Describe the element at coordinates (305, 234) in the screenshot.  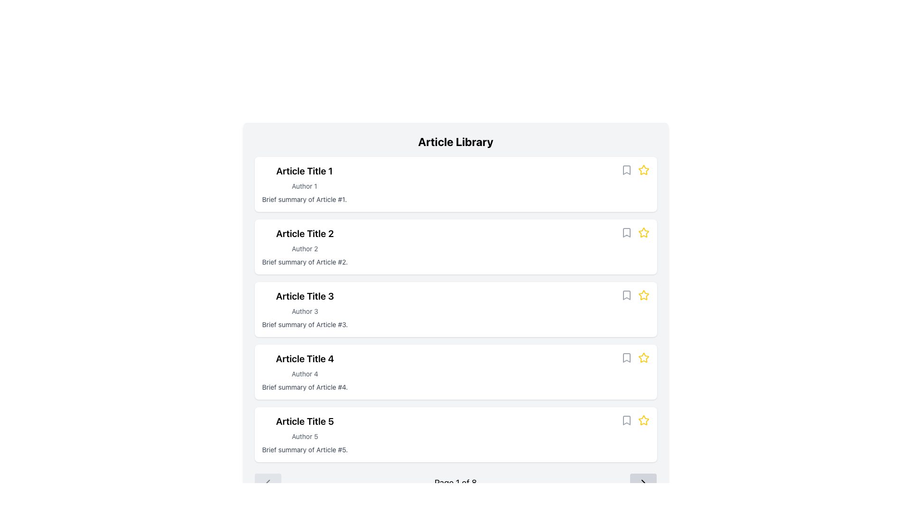
I see `the Text Label that serves as the title for the second article in the list under the header 'Article Library'` at that location.